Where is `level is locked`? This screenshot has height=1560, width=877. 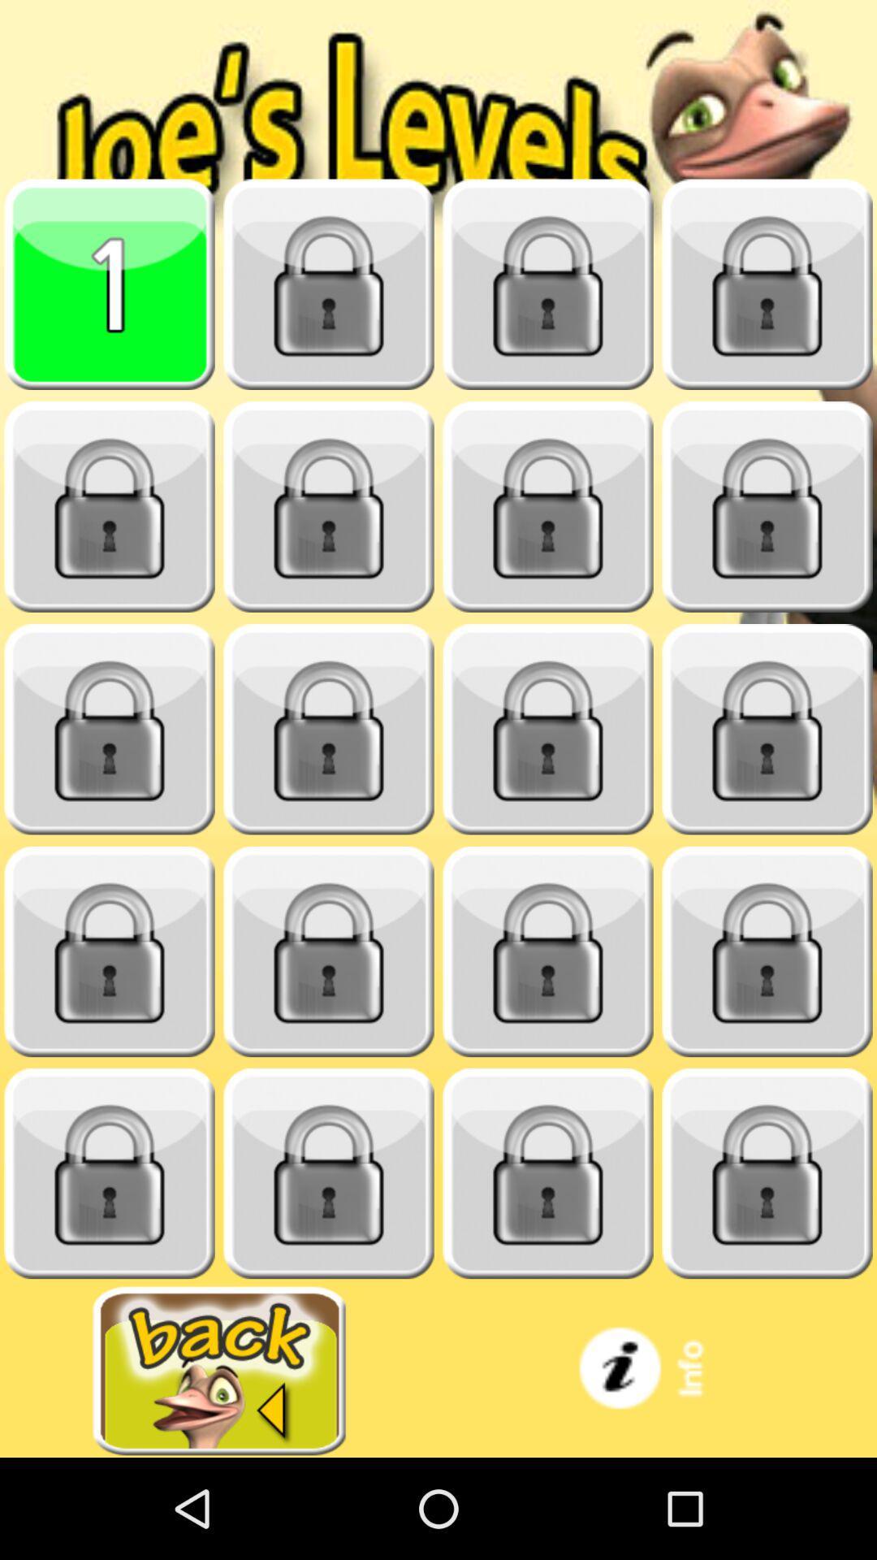
level is locked is located at coordinates (548, 284).